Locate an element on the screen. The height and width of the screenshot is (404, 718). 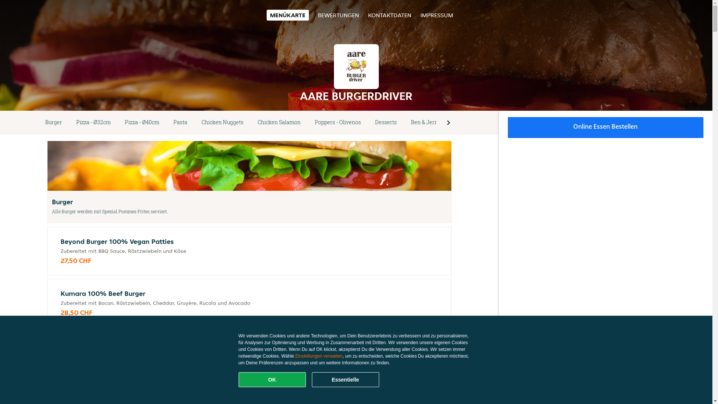
'Chicken Salamon' is located at coordinates (251, 122).